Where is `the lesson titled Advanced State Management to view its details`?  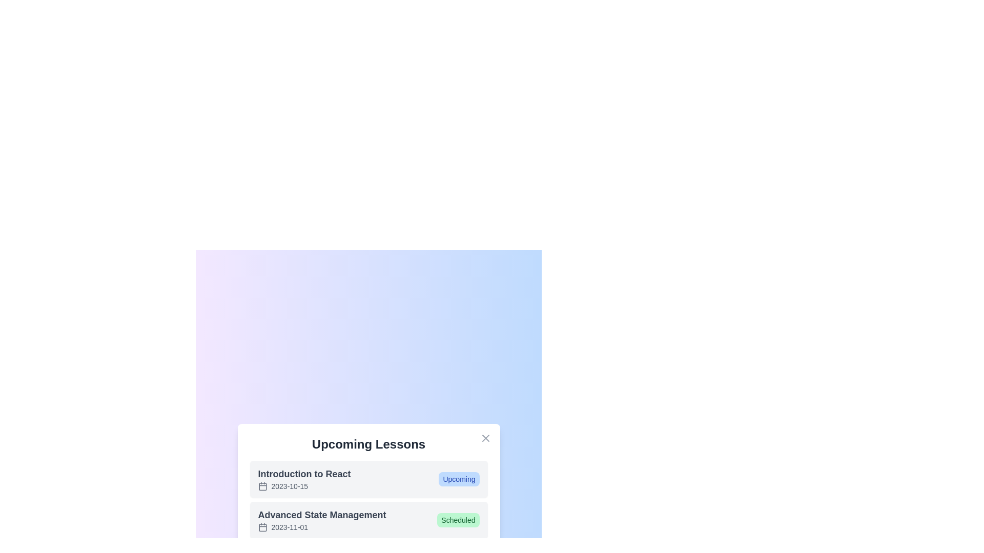
the lesson titled Advanced State Management to view its details is located at coordinates (321, 520).